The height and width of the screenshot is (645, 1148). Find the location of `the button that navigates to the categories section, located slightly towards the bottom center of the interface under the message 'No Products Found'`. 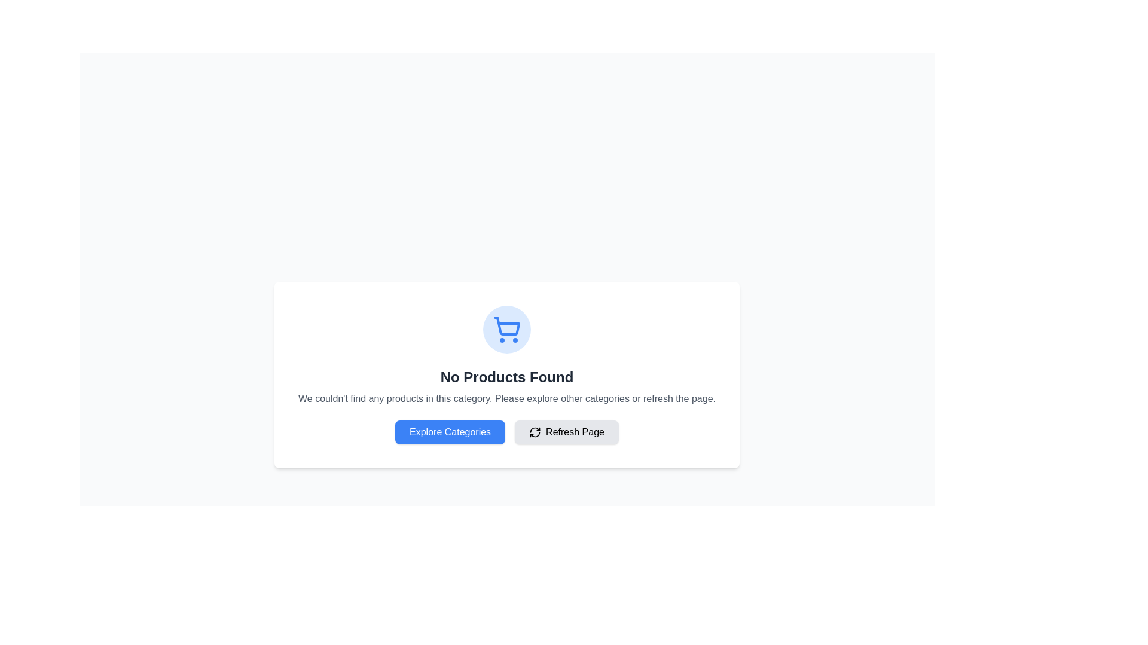

the button that navigates to the categories section, located slightly towards the bottom center of the interface under the message 'No Products Found' is located at coordinates (450, 432).